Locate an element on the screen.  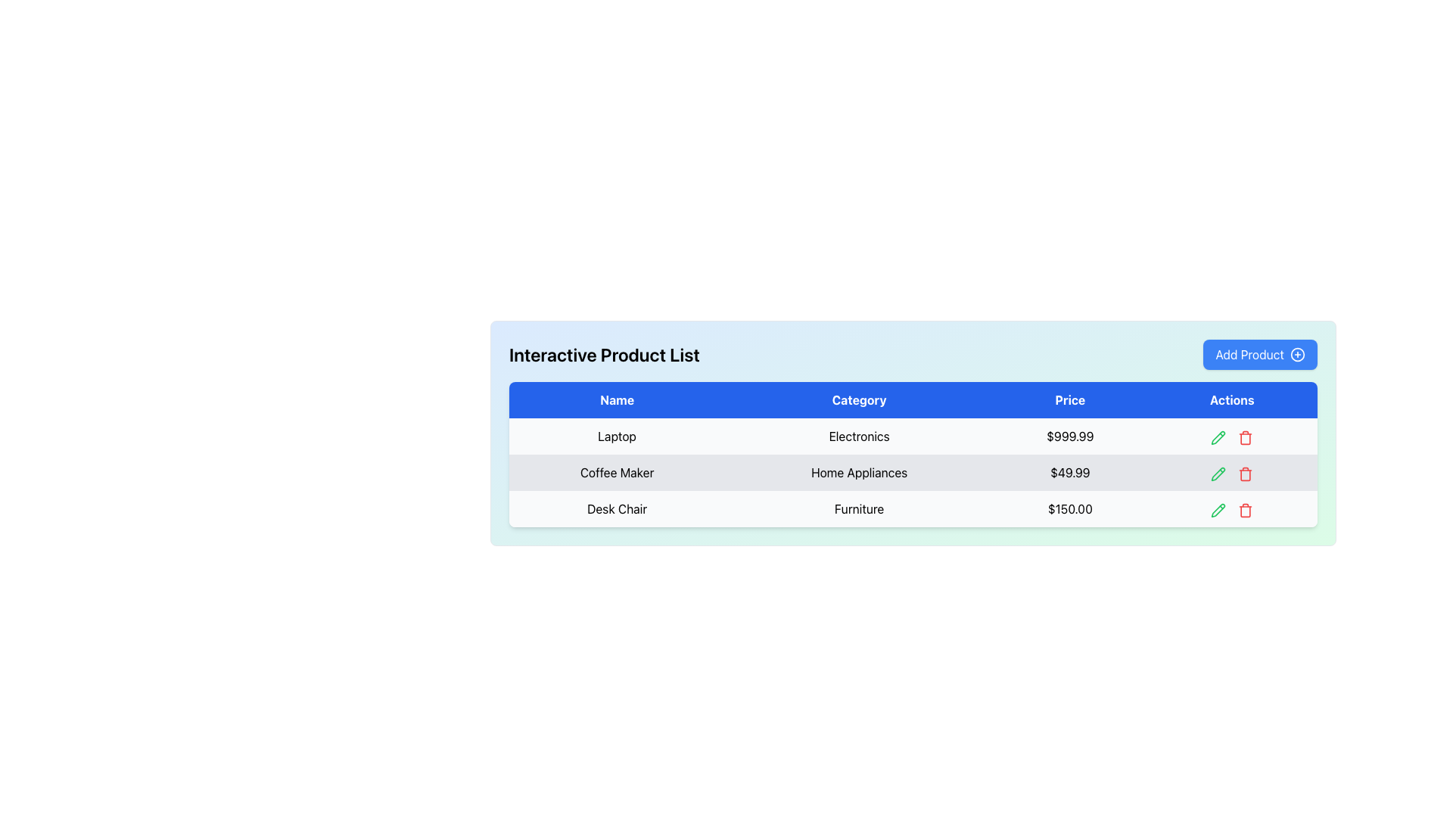
the price display element showing '$999.99' in the first row of the table under the 'Price' column is located at coordinates (1069, 436).